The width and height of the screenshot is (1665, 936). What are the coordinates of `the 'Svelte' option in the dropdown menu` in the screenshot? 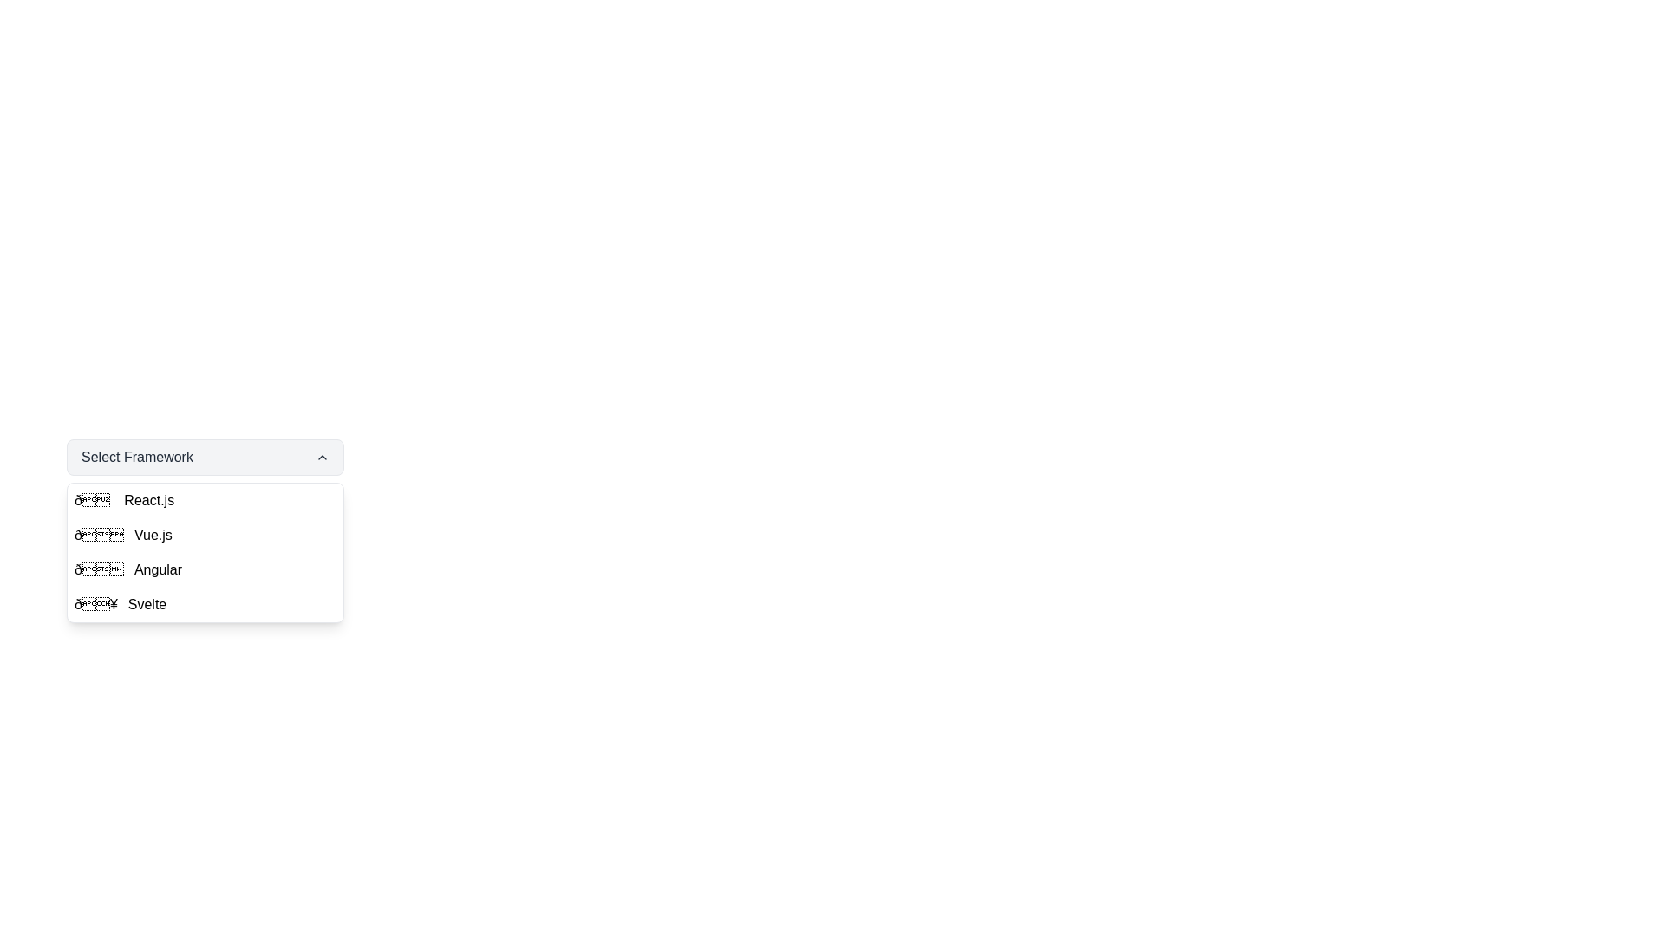 It's located at (205, 604).